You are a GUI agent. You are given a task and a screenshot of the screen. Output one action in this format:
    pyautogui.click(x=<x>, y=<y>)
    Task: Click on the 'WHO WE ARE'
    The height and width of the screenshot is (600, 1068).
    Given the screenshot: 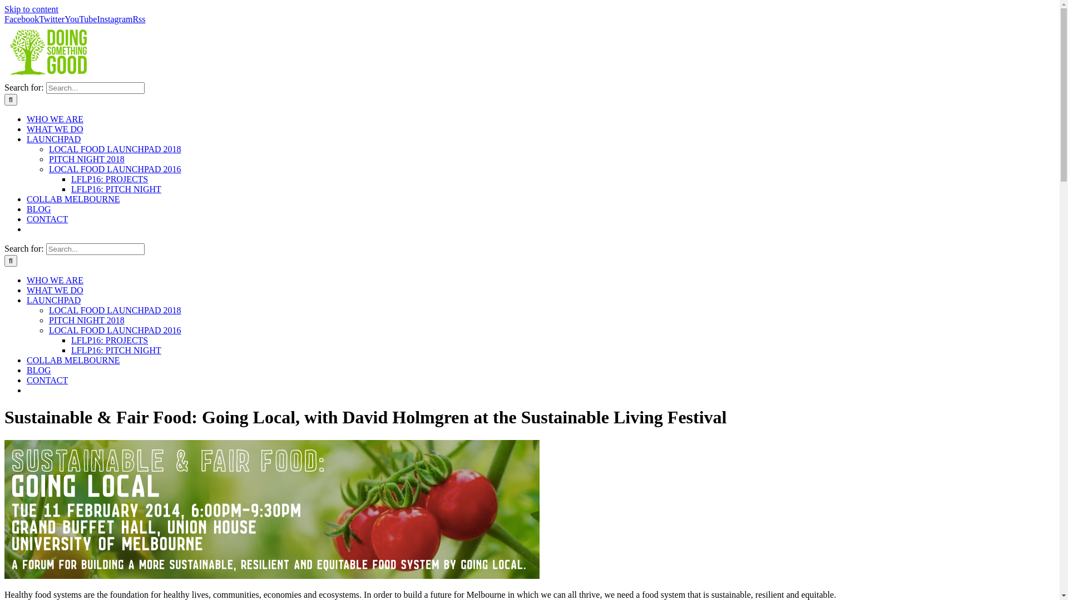 What is the action you would take?
    pyautogui.click(x=55, y=119)
    